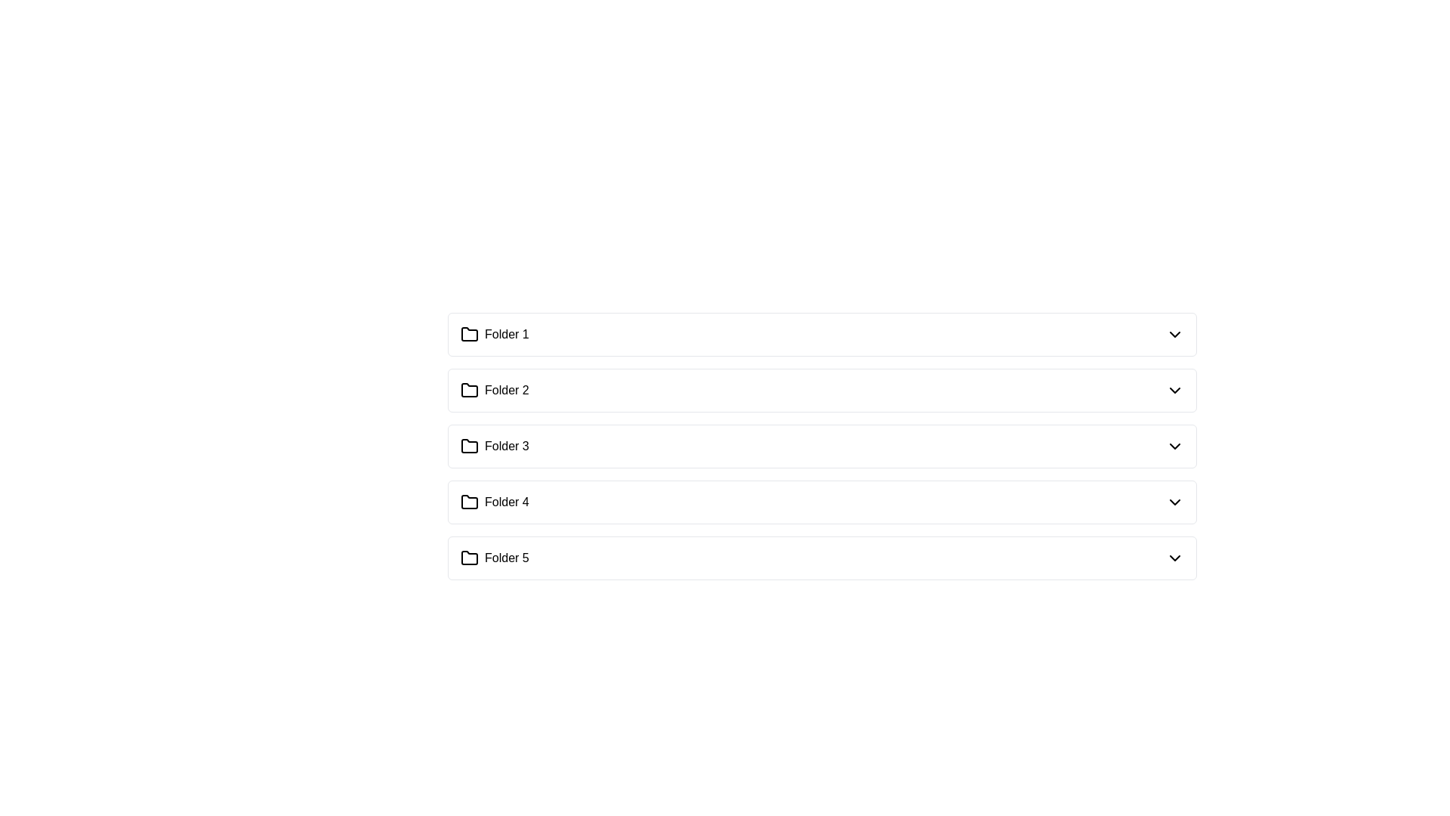 Image resolution: width=1450 pixels, height=816 pixels. I want to click on the folder icon represented by an SVG graphic with smooth edges, located to the left of the text label 'Folder 1', so click(469, 333).